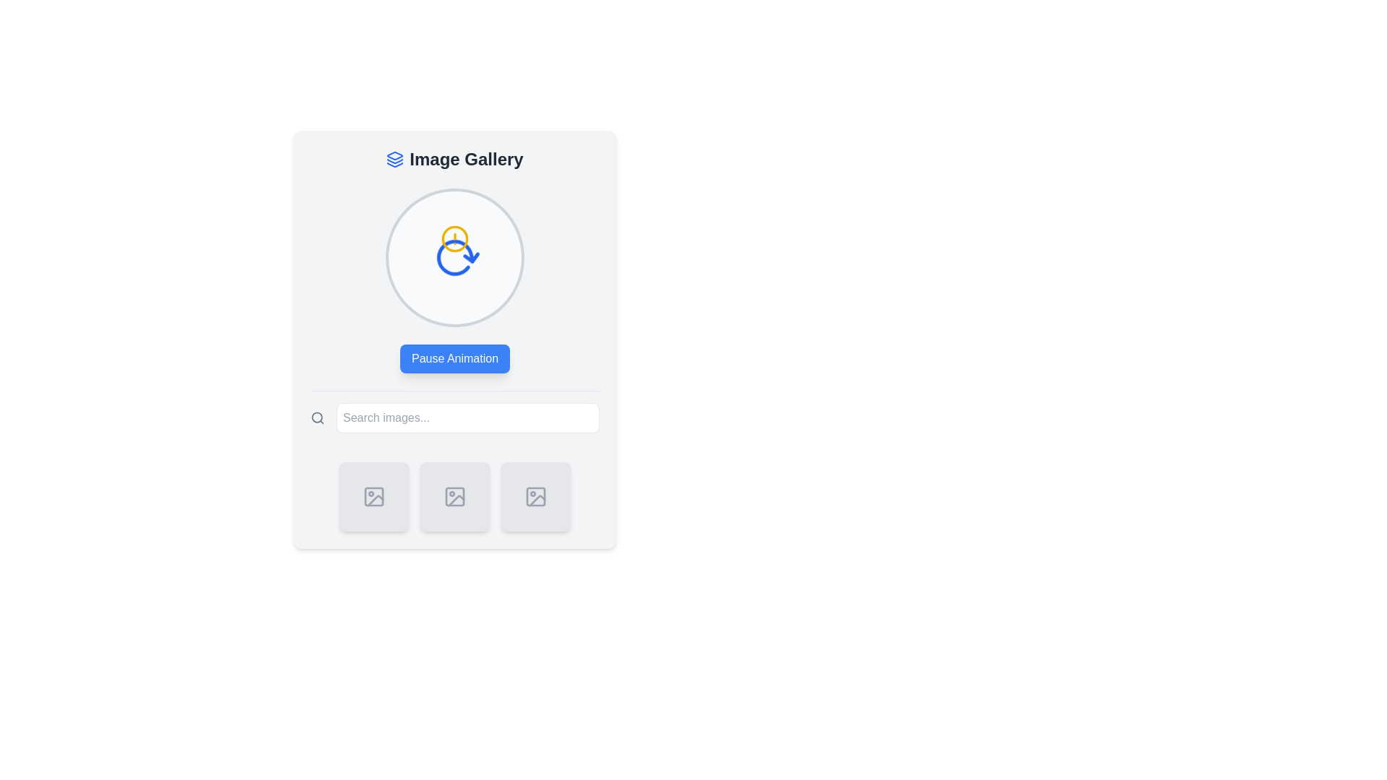 The image size is (1387, 780). I want to click on the second button in the row of three buttons, which has a light gray color, rounded corners, and an image placeholder icon, so click(454, 495).